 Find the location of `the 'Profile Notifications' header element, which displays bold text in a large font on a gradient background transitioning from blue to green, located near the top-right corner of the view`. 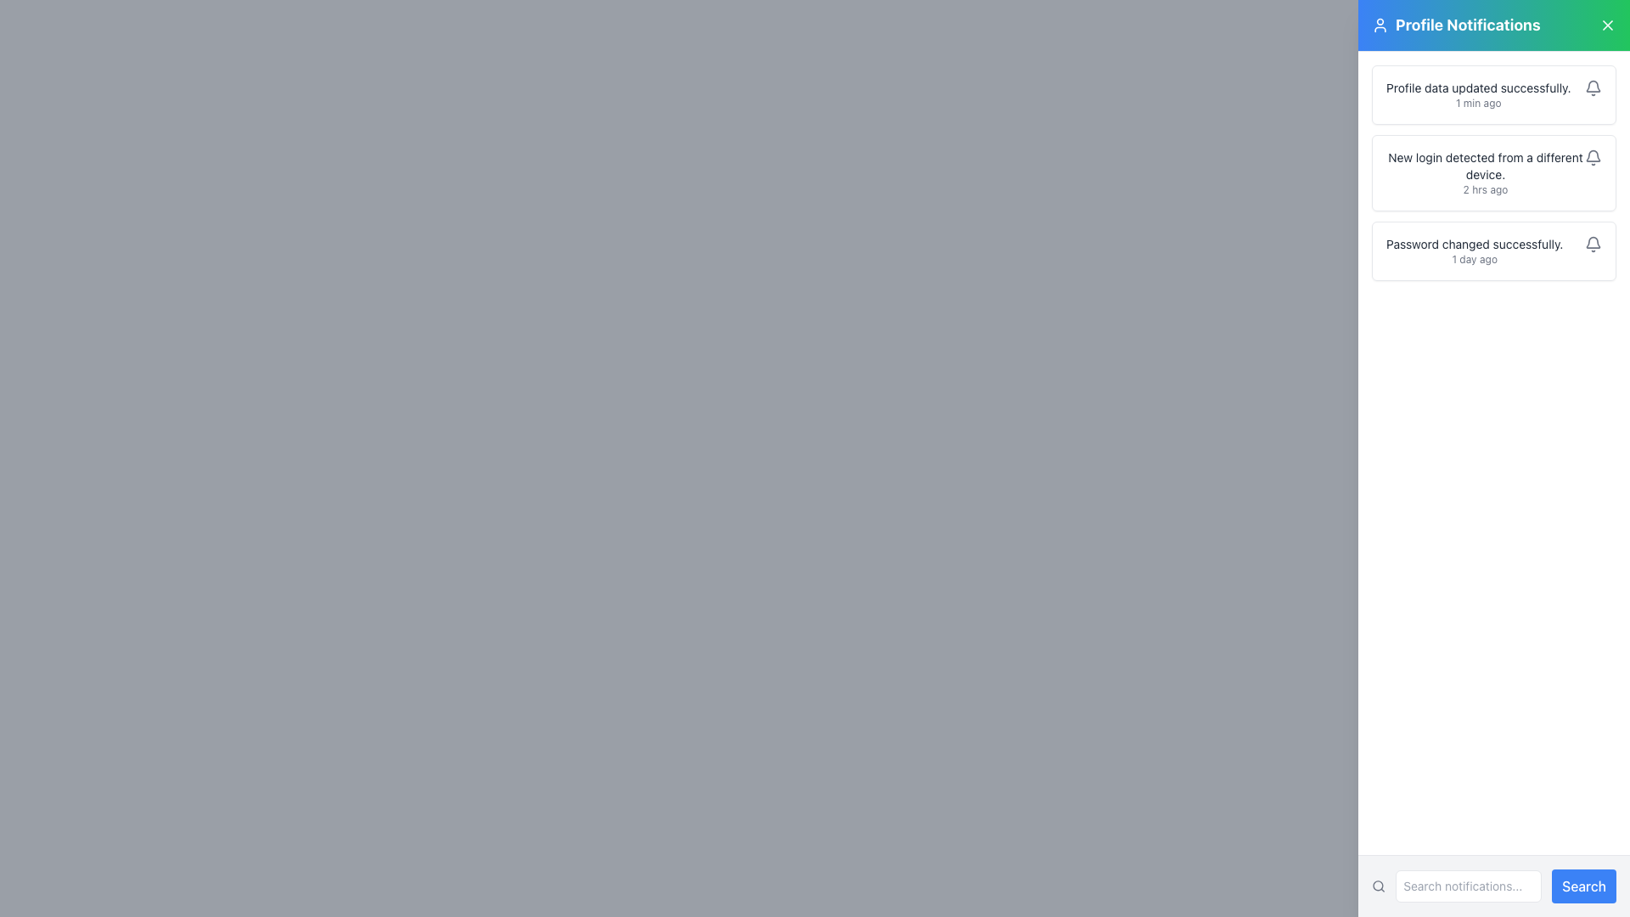

the 'Profile Notifications' header element, which displays bold text in a large font on a gradient background transitioning from blue to green, located near the top-right corner of the view is located at coordinates (1467, 25).